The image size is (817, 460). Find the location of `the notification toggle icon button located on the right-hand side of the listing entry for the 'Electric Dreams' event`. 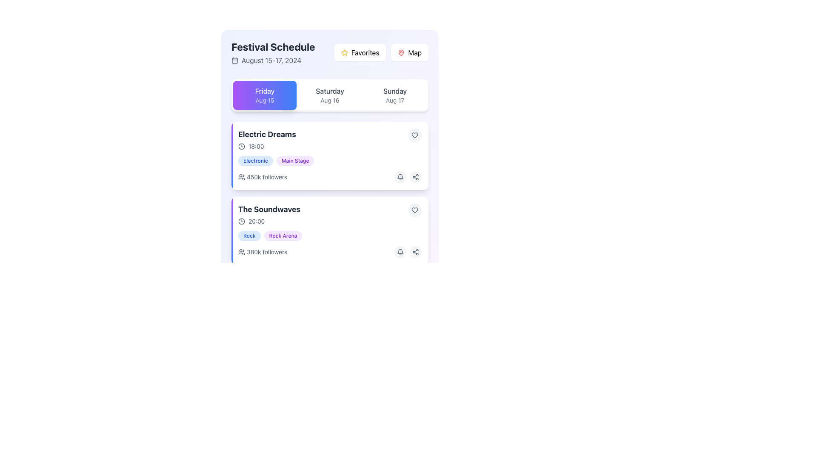

the notification toggle icon button located on the right-hand side of the listing entry for the 'Electric Dreams' event is located at coordinates (400, 251).